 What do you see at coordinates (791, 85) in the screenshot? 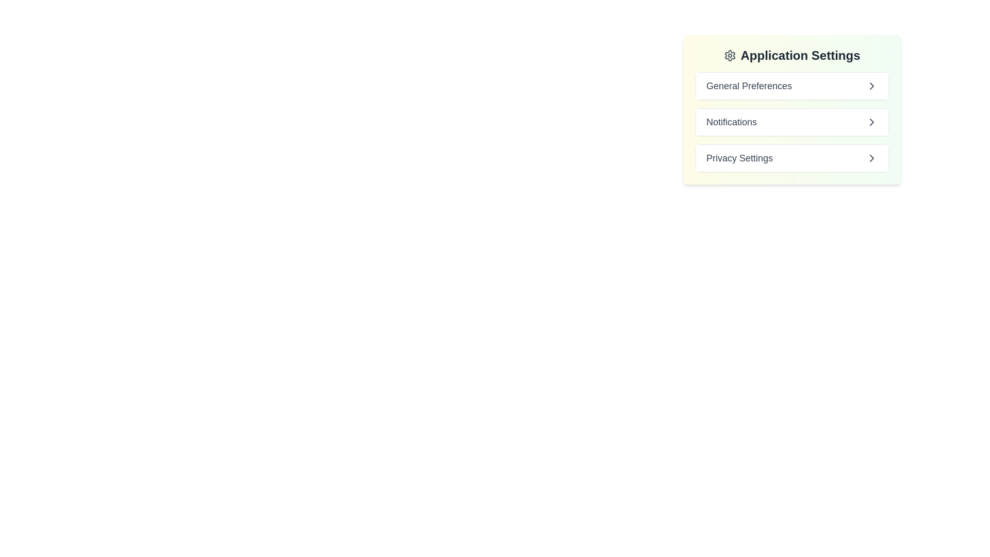
I see `the interactive list item labeled 'General Preferences'` at bounding box center [791, 85].